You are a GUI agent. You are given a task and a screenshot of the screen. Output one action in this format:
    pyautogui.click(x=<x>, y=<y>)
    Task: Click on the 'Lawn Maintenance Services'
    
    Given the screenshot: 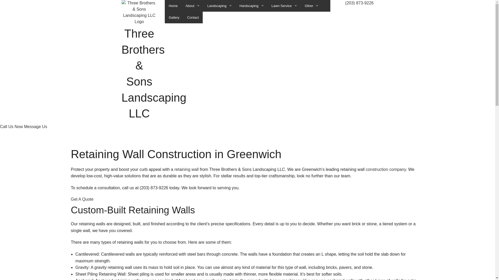 What is the action you would take?
    pyautogui.click(x=284, y=40)
    